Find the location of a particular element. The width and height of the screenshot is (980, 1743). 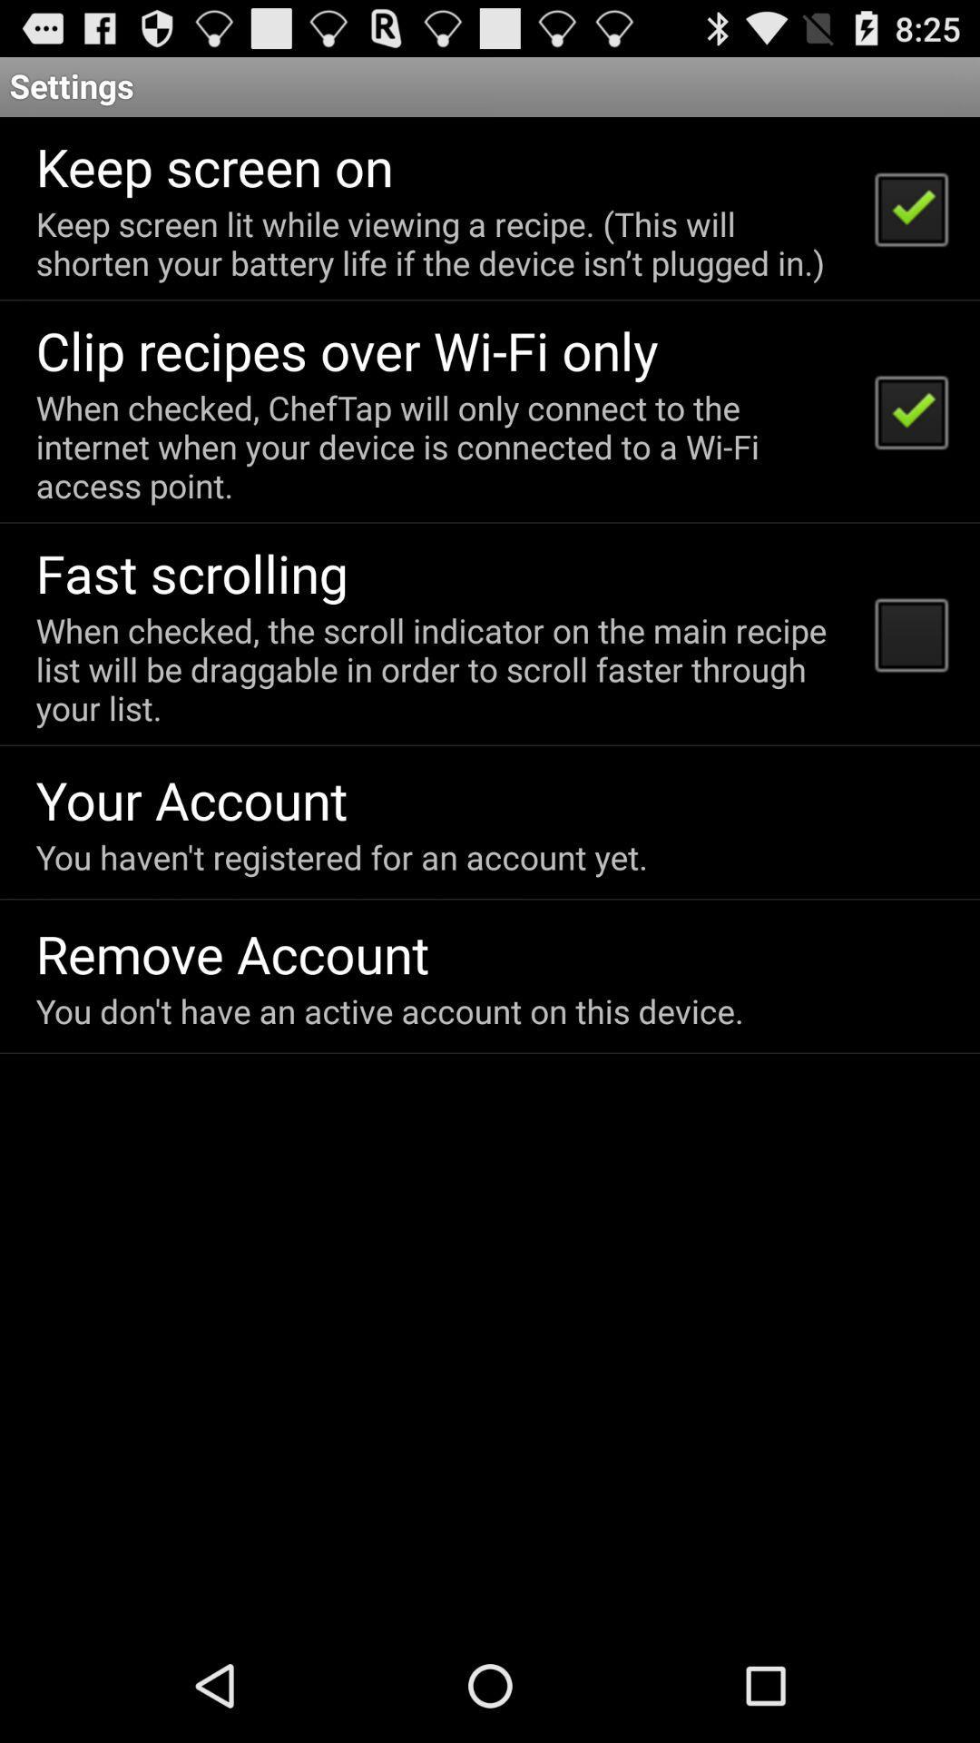

app below the you haven t app is located at coordinates (231, 952).